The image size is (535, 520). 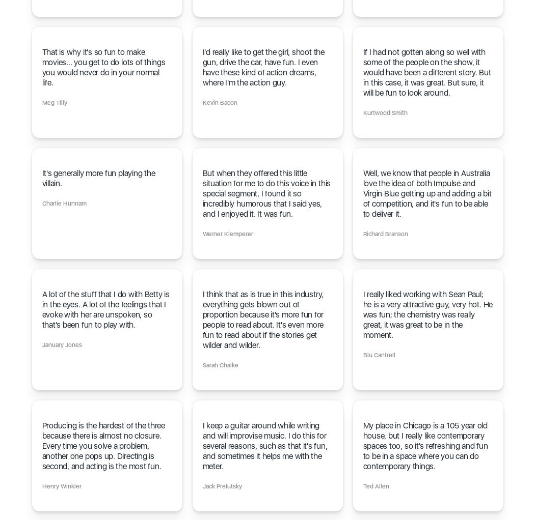 What do you see at coordinates (202, 103) in the screenshot?
I see `'Kevin Bacon'` at bounding box center [202, 103].